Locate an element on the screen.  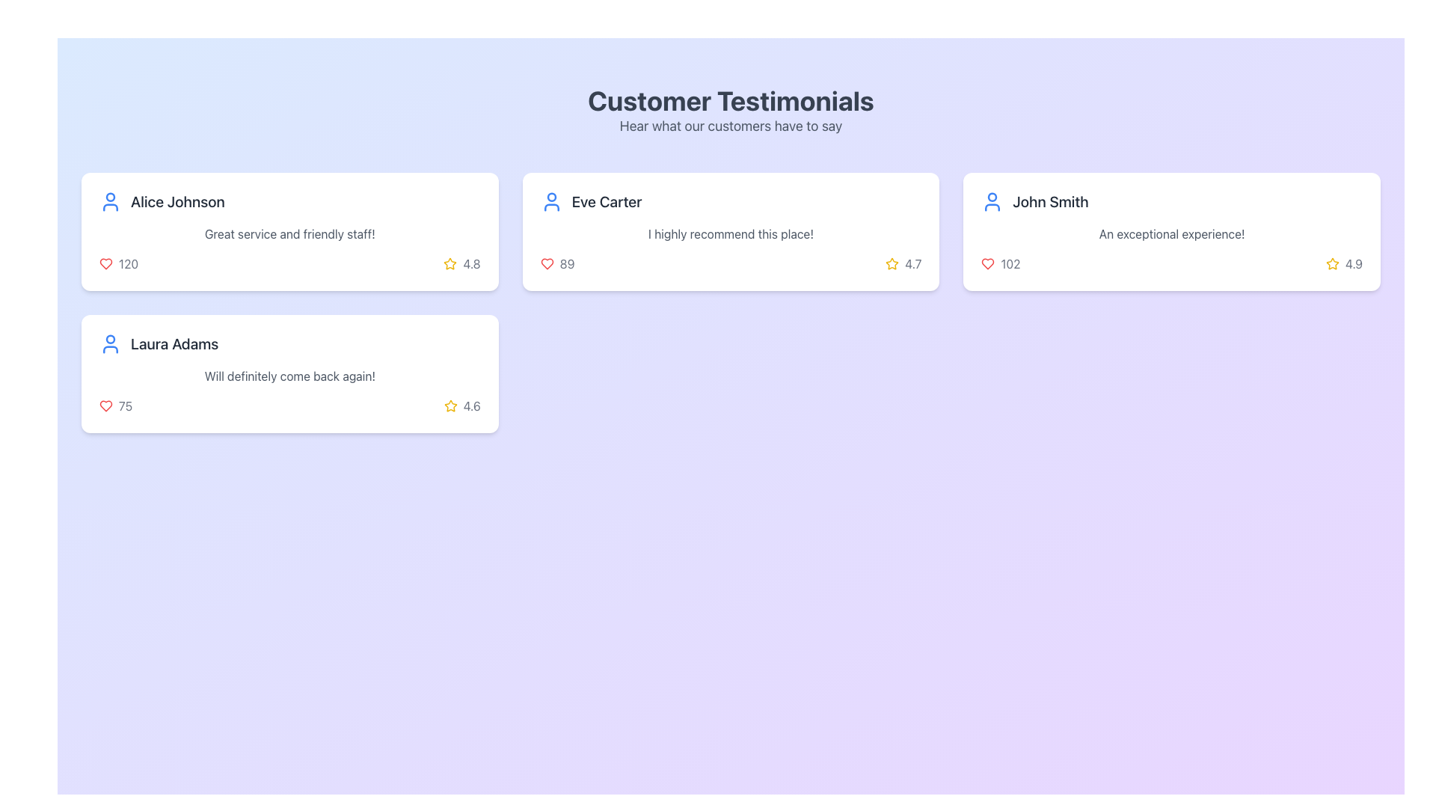
the red heart icon with the number '120' located in the first card under the title 'Alice Johnson' is located at coordinates (118, 263).